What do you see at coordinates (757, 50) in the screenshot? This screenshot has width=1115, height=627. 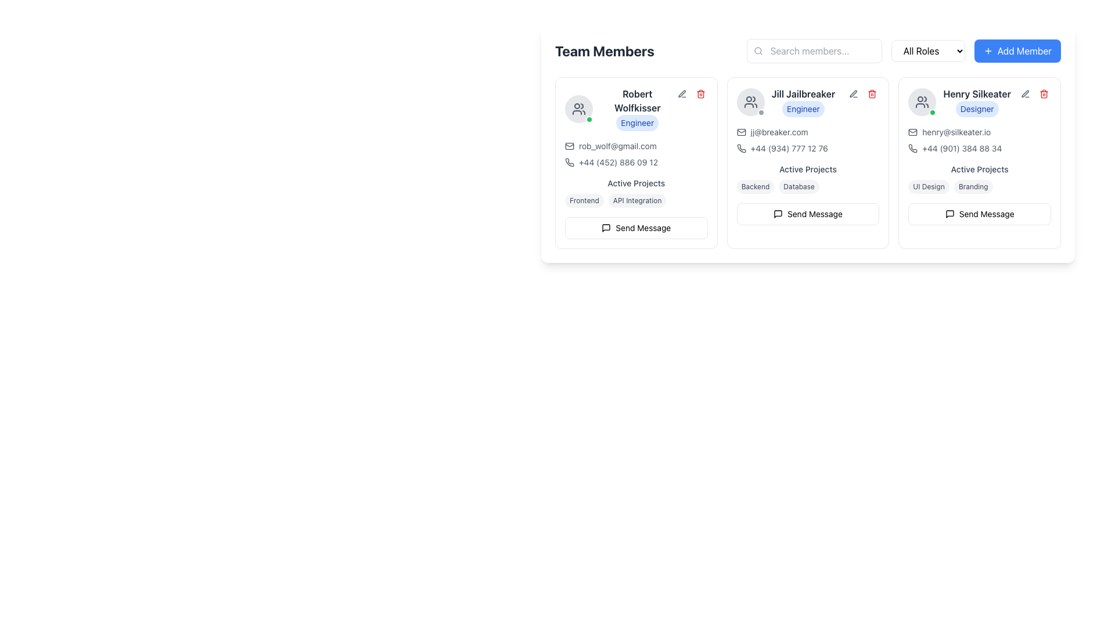 I see `the circular SVG element that forms part of the magnifying glass icon in the search bar, located to the left of the input field` at bounding box center [757, 50].